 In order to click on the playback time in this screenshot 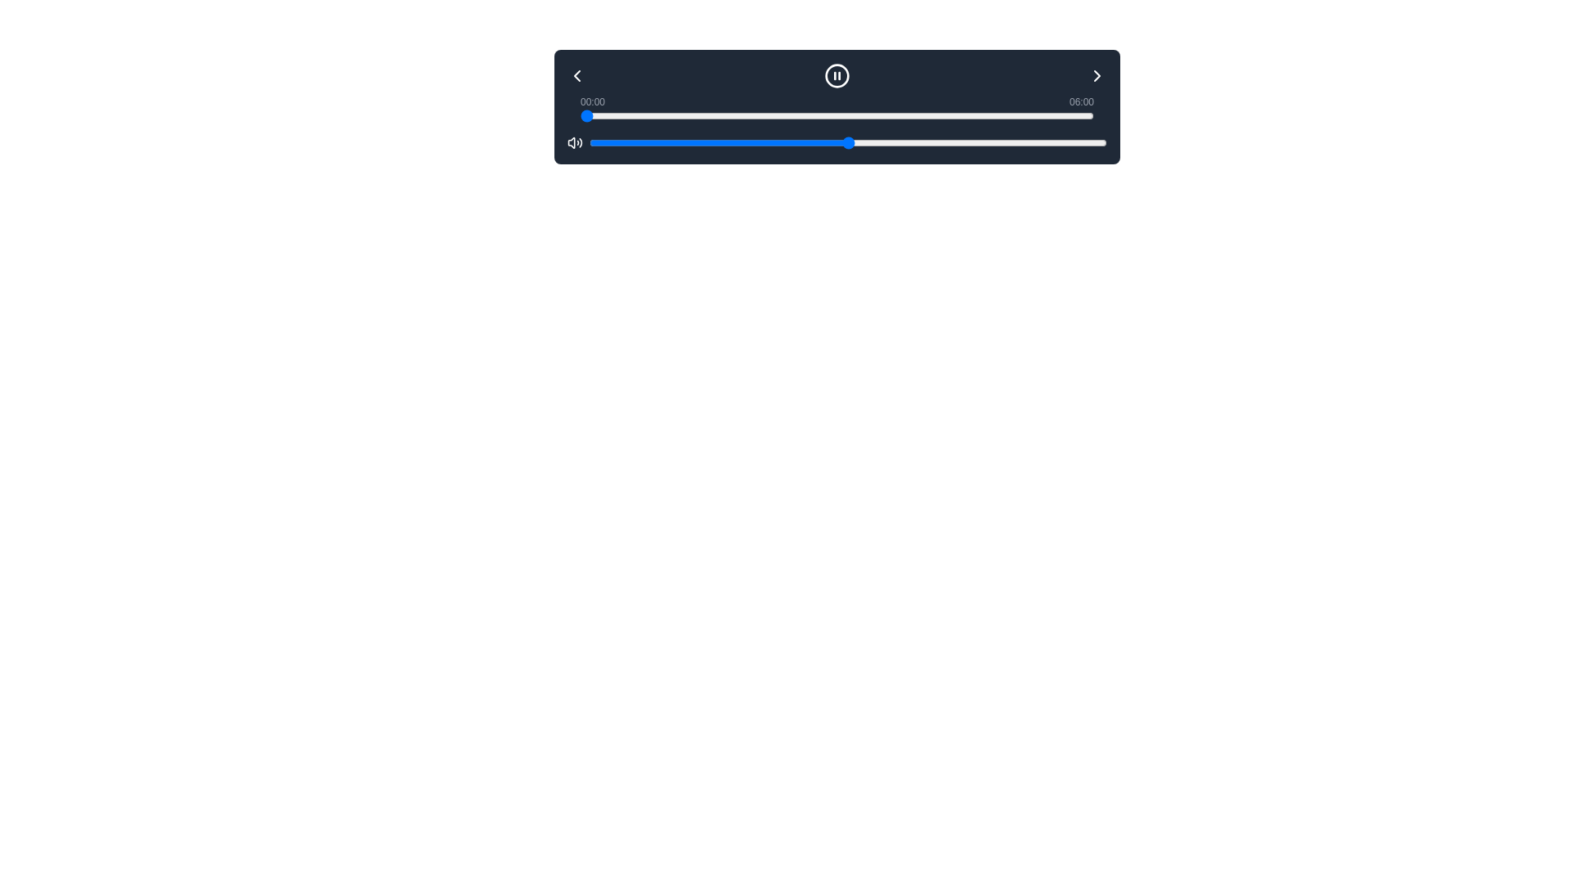, I will do `click(1016, 115)`.